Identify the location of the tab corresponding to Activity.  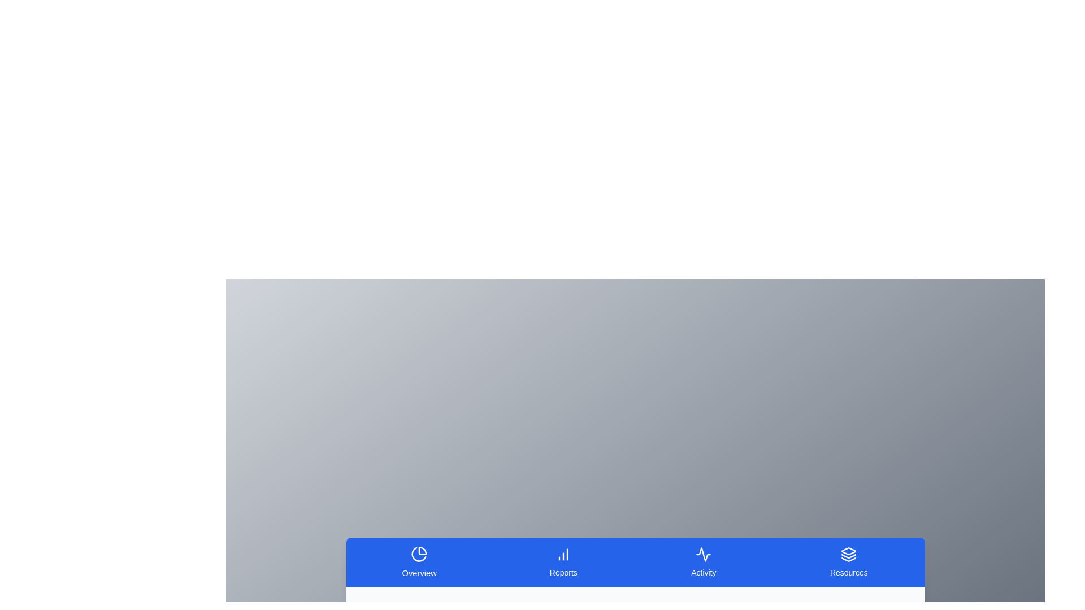
(702, 562).